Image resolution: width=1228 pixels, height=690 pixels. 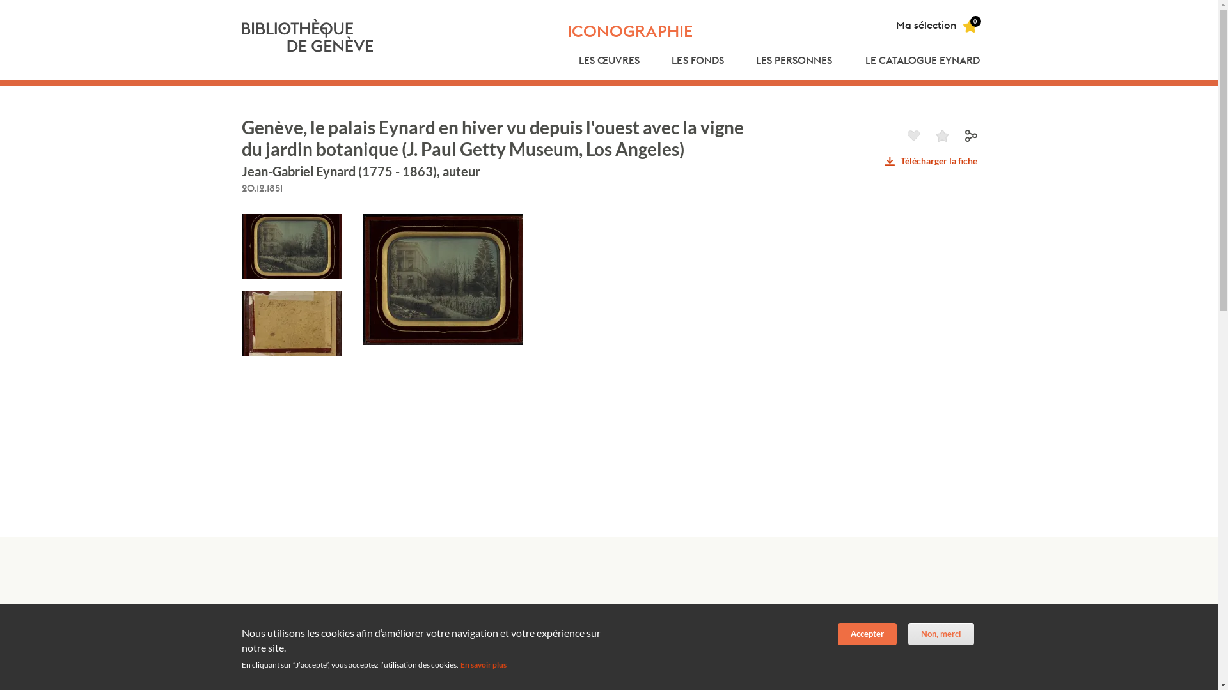 I want to click on 'Non, merci', so click(x=941, y=634).